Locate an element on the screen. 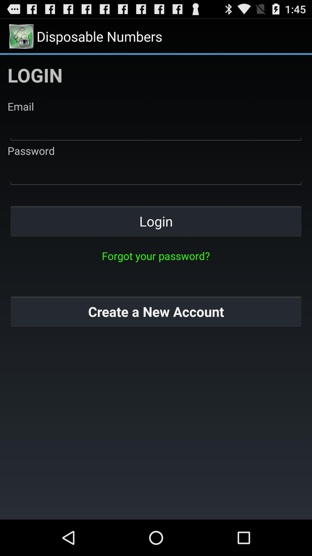  the button below the login button is located at coordinates (155, 255).